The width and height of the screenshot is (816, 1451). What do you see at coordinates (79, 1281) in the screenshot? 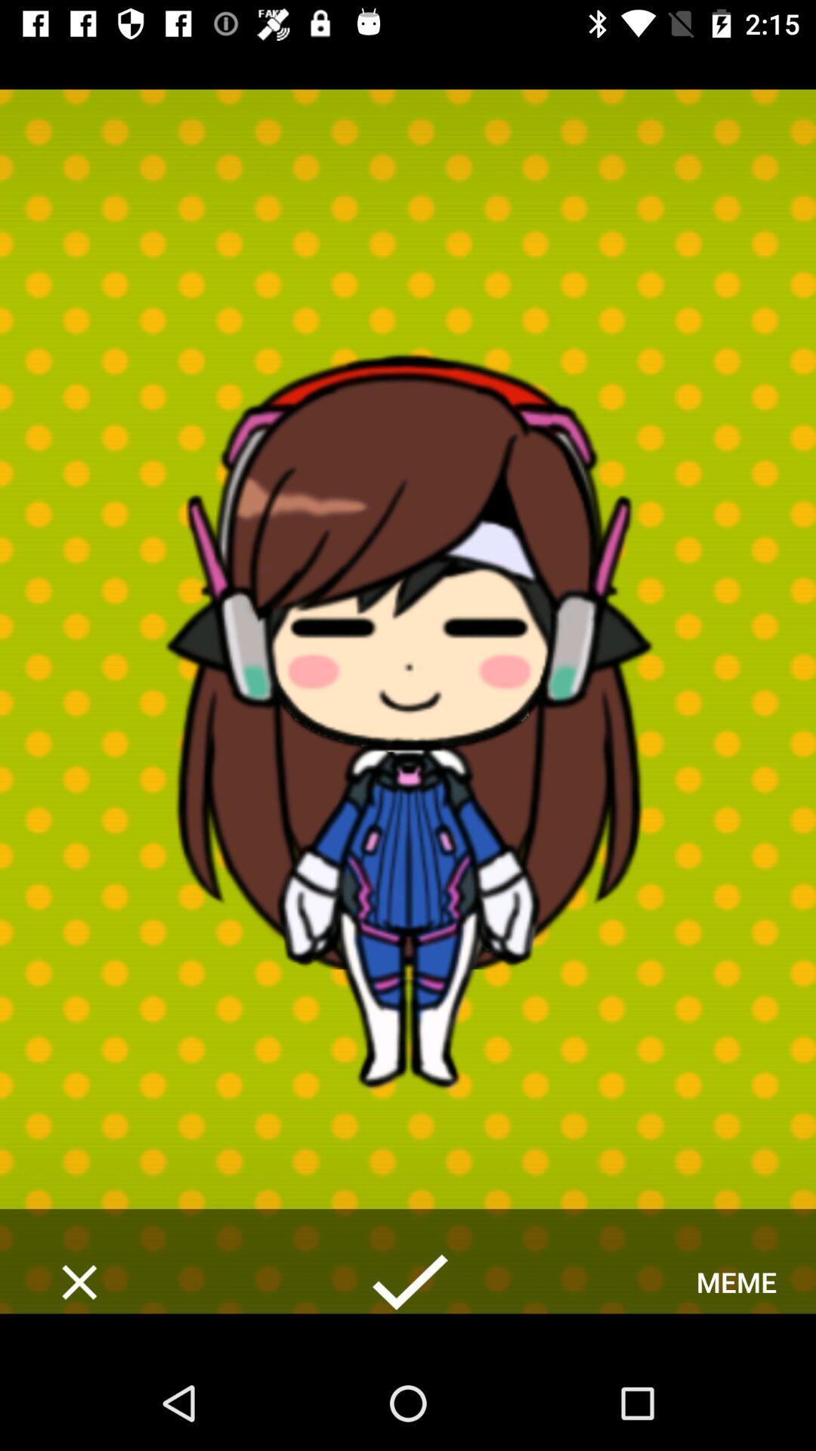
I see `the close icon` at bounding box center [79, 1281].